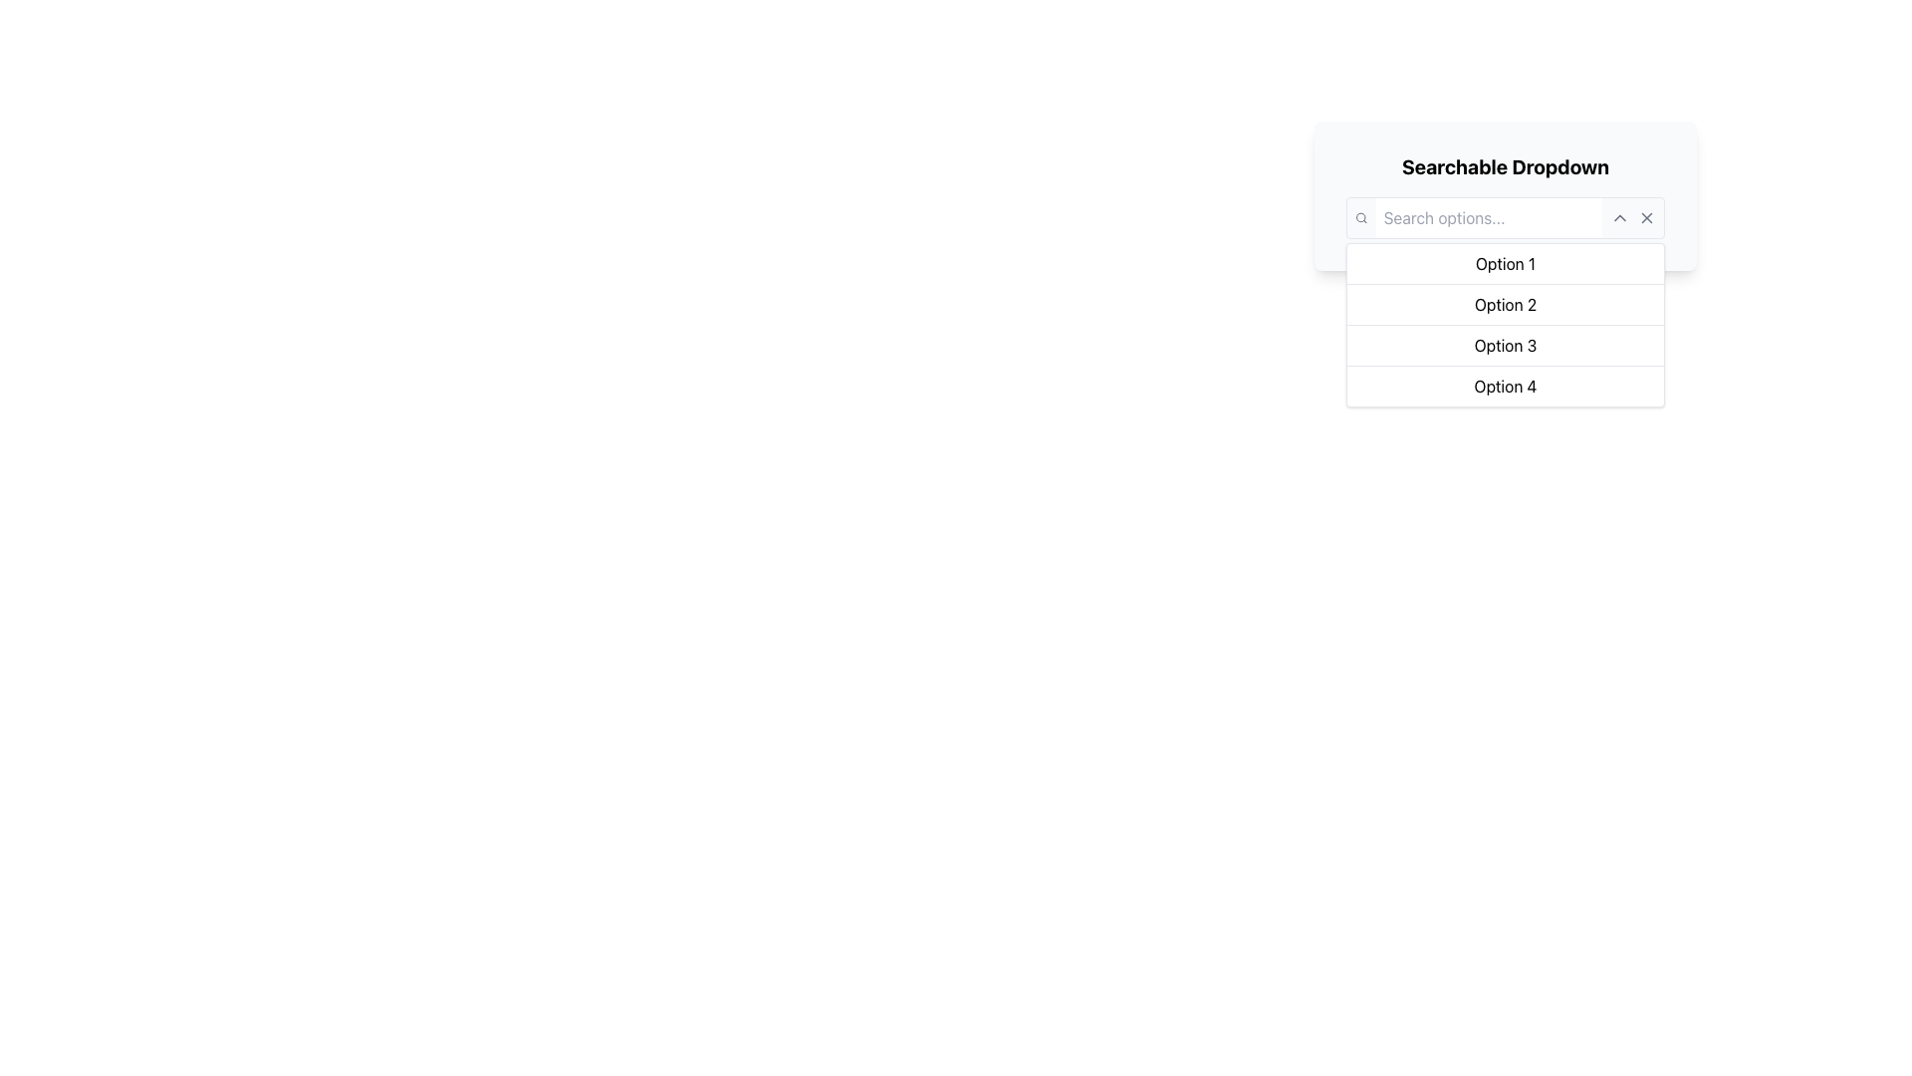 This screenshot has height=1076, width=1912. Describe the element at coordinates (1360, 218) in the screenshot. I see `the search icon located inside the 'Searchable Dropdown' input field, positioned at the left side before the placeholder text 'Search options...'` at that location.